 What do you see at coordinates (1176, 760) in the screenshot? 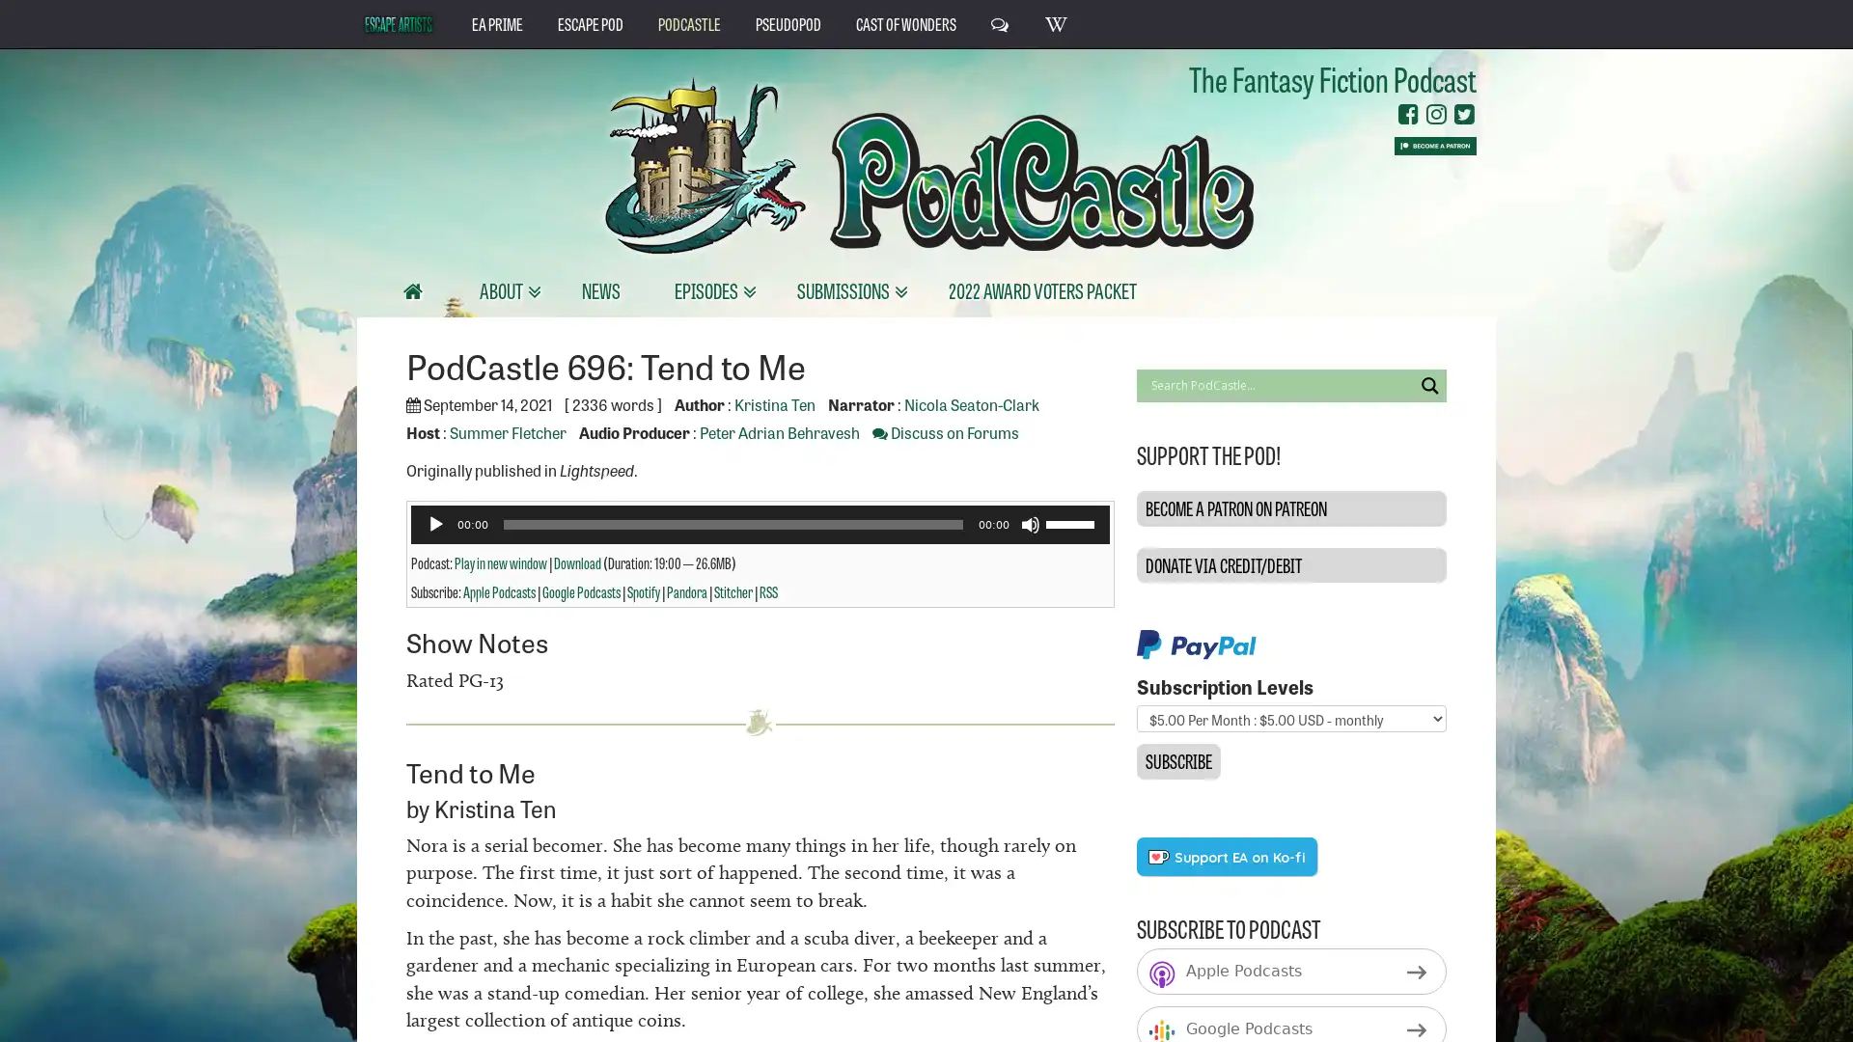
I see `Subscribe` at bounding box center [1176, 760].